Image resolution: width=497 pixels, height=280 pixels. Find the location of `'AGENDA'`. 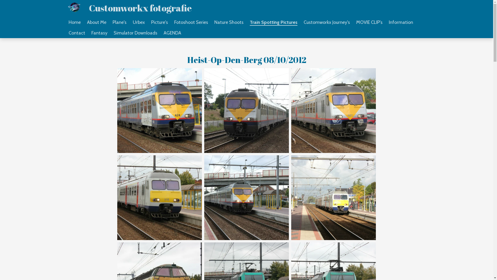

'AGENDA' is located at coordinates (160, 33).